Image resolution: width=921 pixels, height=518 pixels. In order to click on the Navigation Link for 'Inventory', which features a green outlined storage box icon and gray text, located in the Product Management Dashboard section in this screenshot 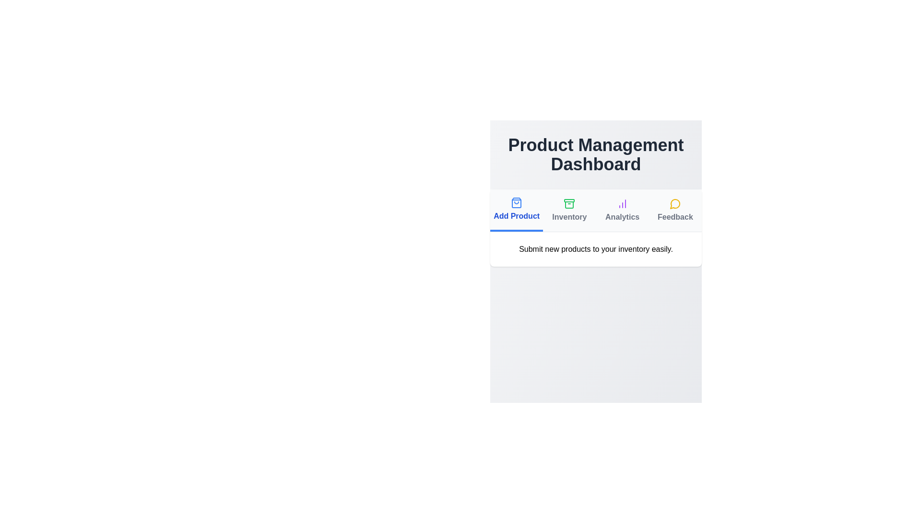, I will do `click(569, 210)`.